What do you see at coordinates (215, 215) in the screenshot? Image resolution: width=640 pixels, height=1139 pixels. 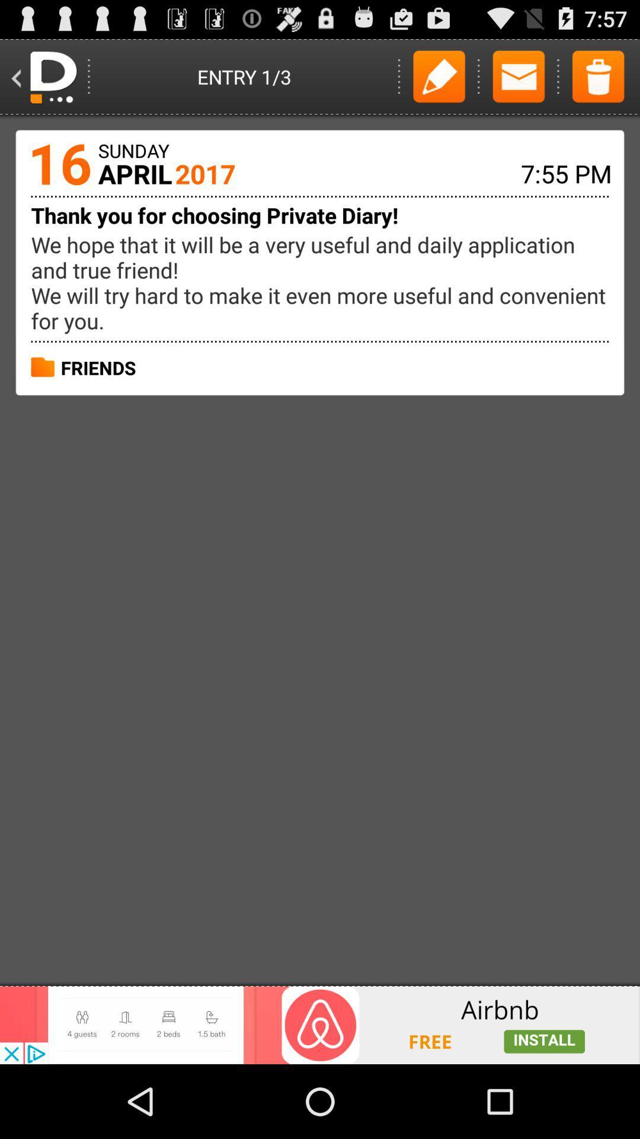 I see `the thank you for choosing private diary text` at bounding box center [215, 215].